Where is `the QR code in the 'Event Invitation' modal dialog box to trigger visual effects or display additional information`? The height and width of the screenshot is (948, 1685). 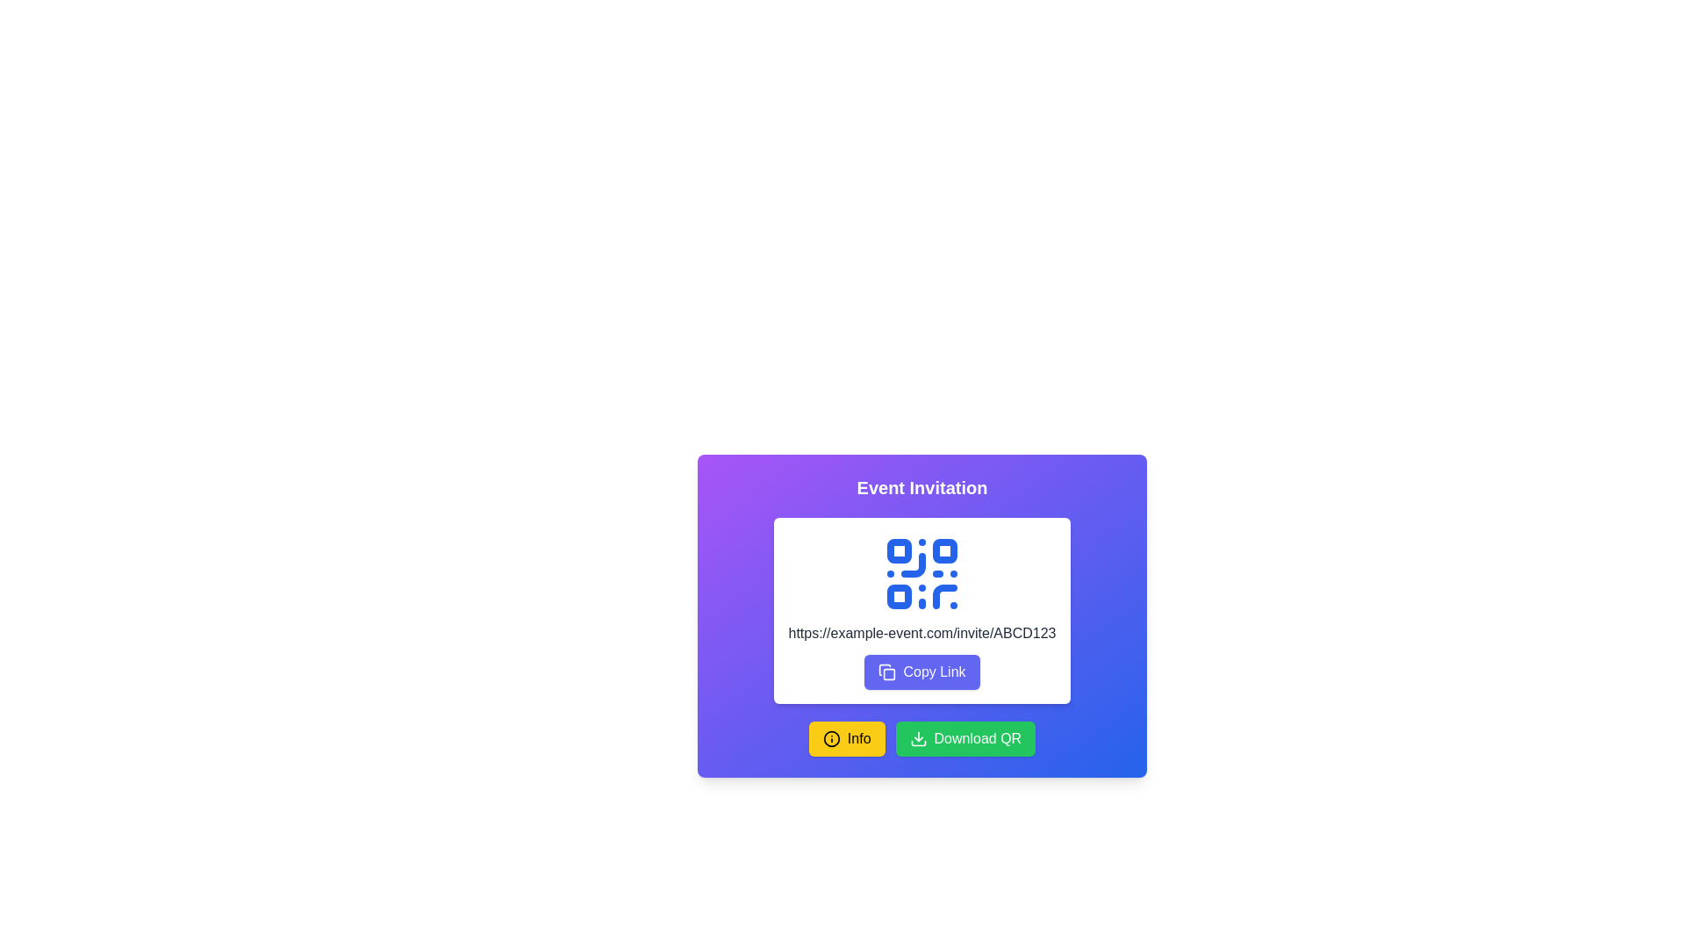
the QR code in the 'Event Invitation' modal dialog box to trigger visual effects or display additional information is located at coordinates (921, 669).